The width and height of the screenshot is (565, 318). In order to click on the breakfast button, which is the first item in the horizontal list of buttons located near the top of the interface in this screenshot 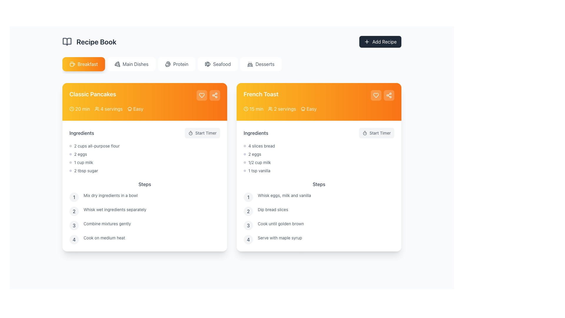, I will do `click(83, 64)`.